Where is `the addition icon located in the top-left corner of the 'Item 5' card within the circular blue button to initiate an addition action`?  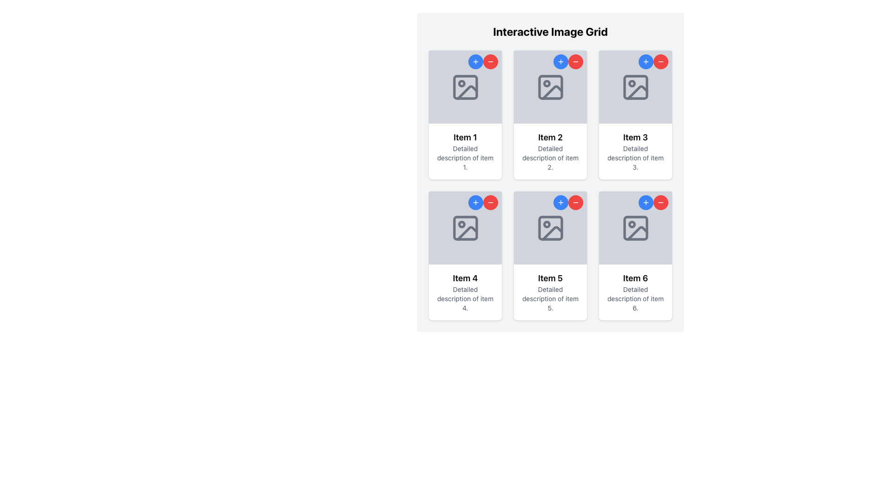
the addition icon located in the top-left corner of the 'Item 5' card within the circular blue button to initiate an addition action is located at coordinates (560, 202).